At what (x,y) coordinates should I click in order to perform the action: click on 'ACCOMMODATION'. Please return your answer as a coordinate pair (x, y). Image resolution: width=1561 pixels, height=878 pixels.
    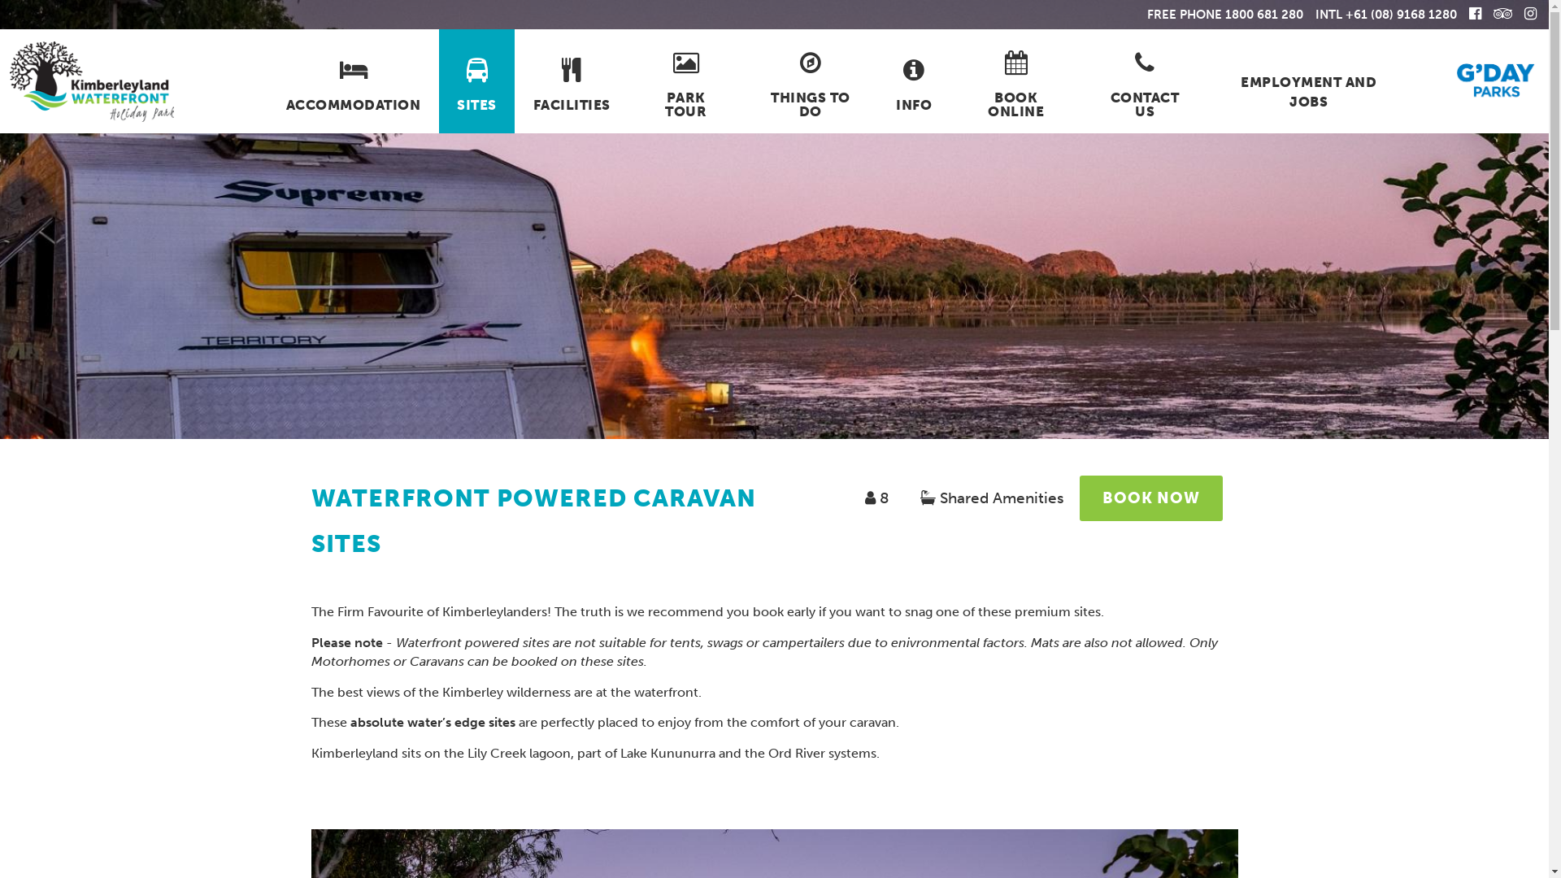
    Looking at the image, I should click on (267, 81).